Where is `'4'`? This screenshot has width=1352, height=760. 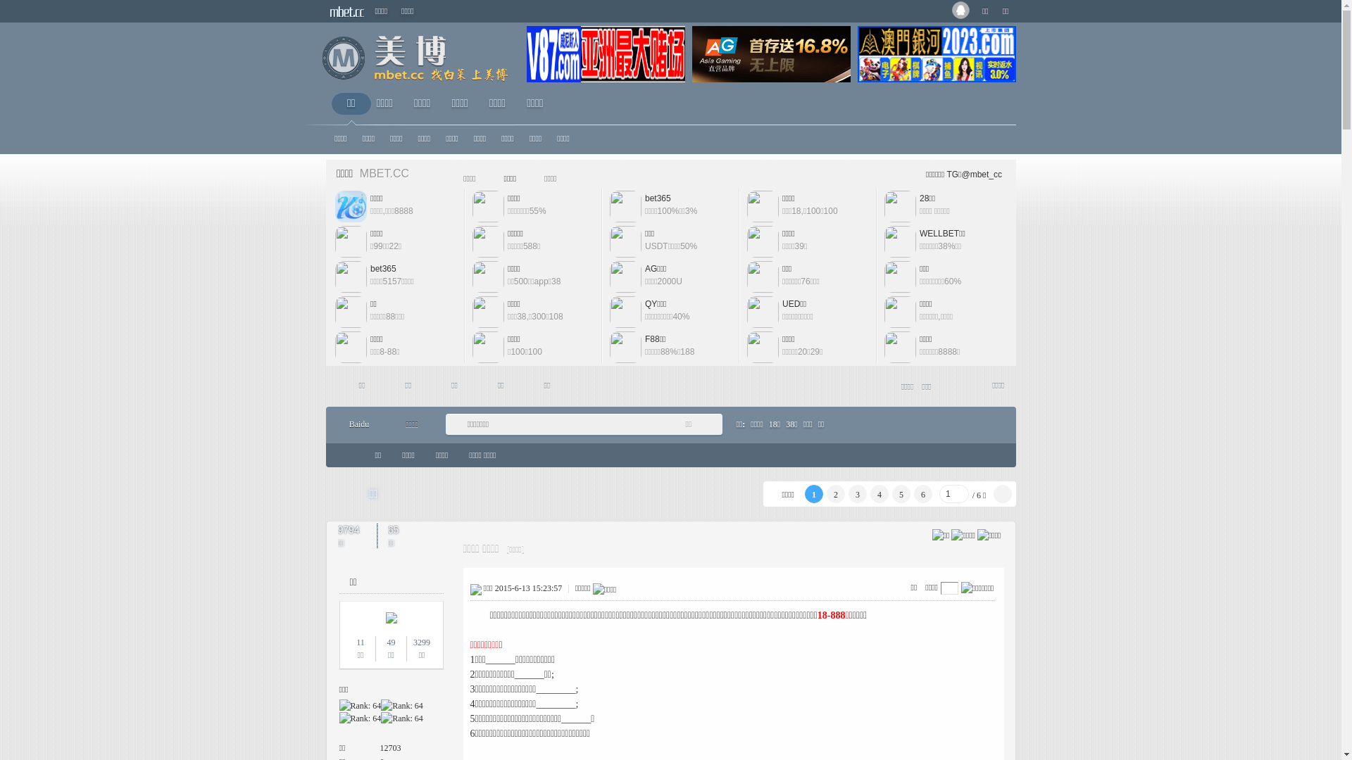
'4' is located at coordinates (878, 493).